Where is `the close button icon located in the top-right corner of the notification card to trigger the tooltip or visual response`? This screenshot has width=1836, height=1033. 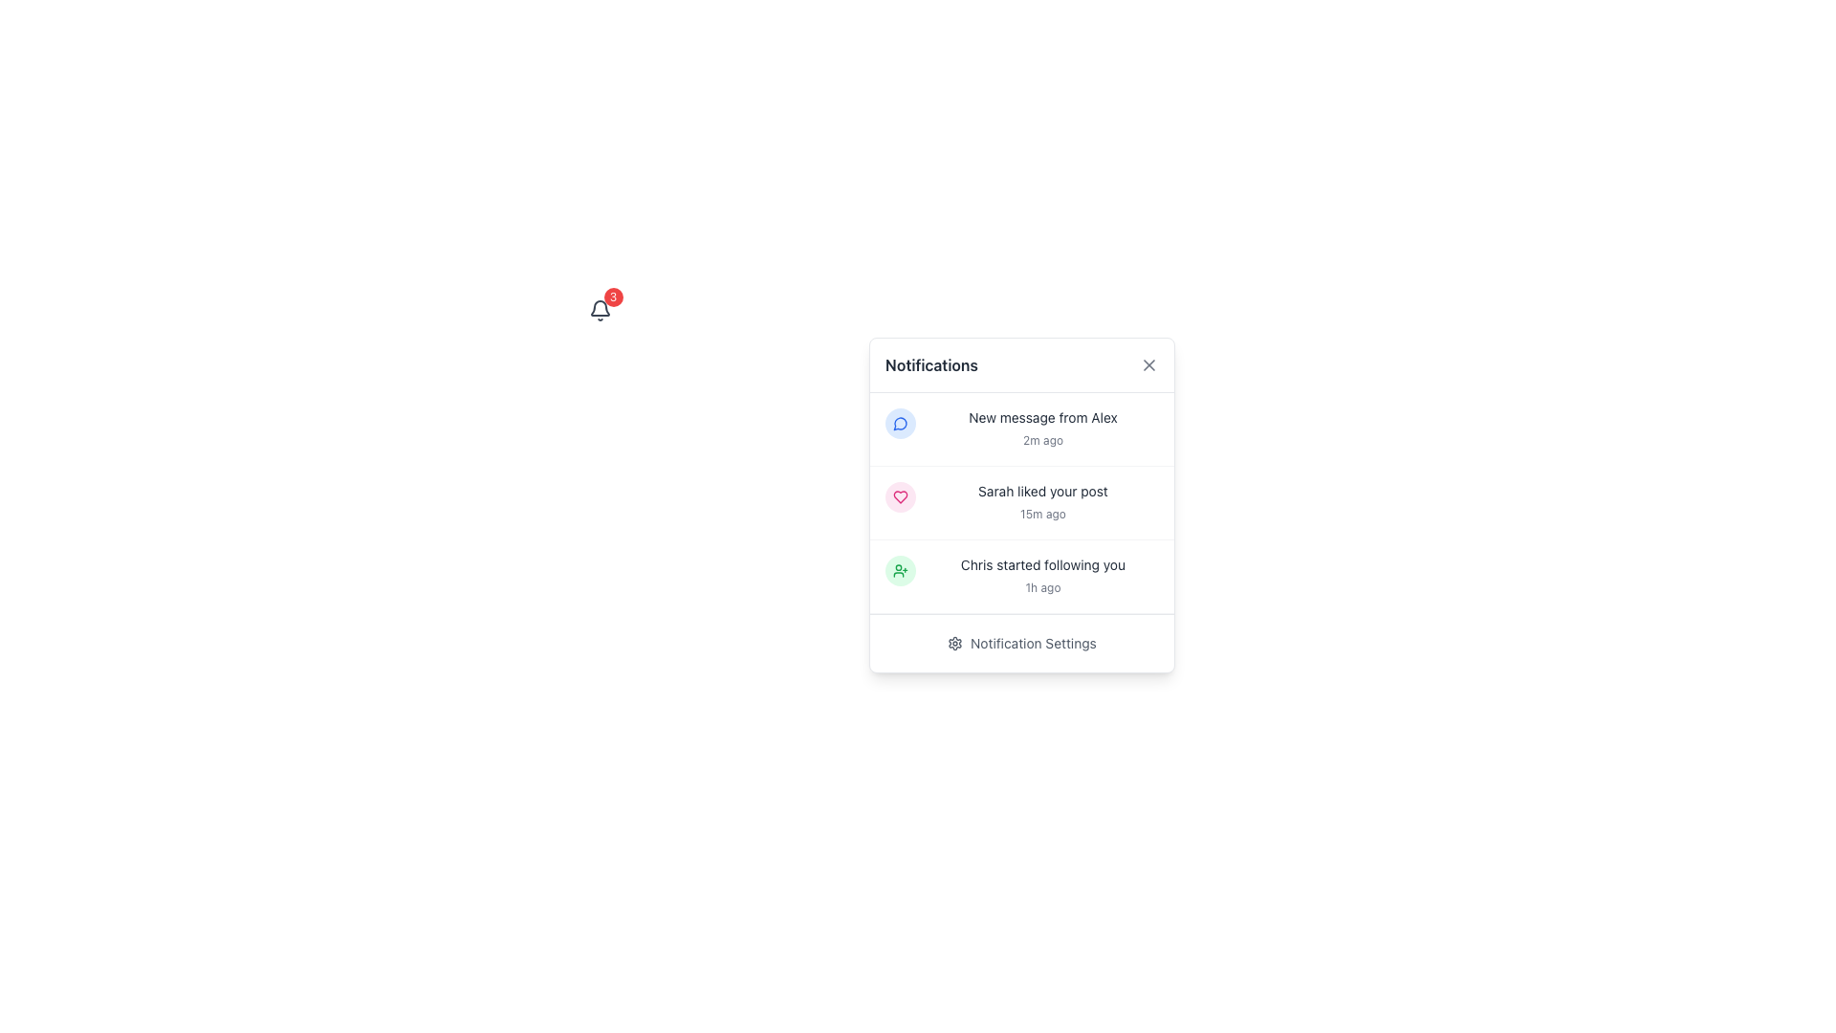 the close button icon located in the top-right corner of the notification card to trigger the tooltip or visual response is located at coordinates (1147, 364).